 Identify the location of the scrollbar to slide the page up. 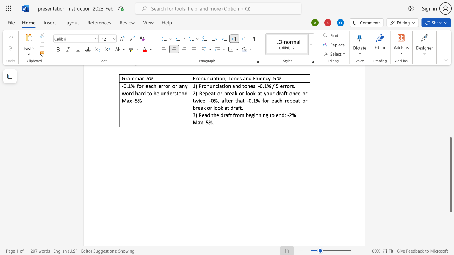
(450, 88).